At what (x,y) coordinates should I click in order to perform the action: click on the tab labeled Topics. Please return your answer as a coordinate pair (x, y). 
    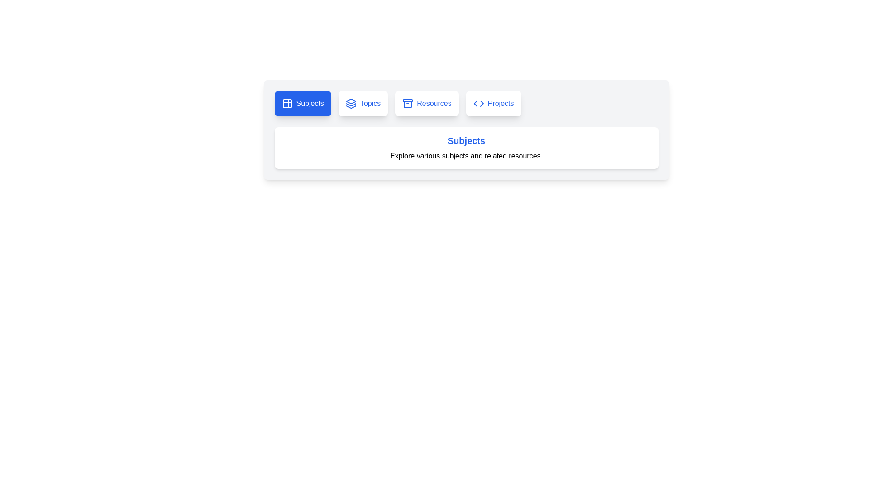
    Looking at the image, I should click on (363, 103).